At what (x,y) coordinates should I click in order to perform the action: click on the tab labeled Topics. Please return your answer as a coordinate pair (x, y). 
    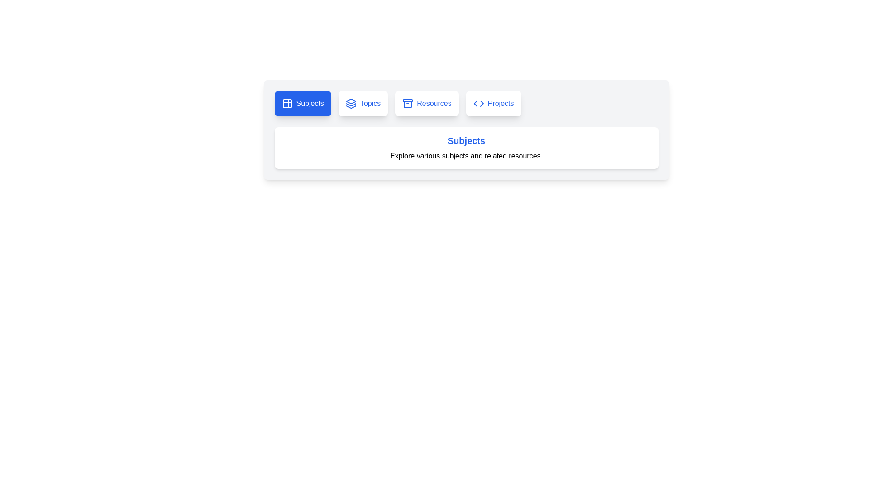
    Looking at the image, I should click on (363, 103).